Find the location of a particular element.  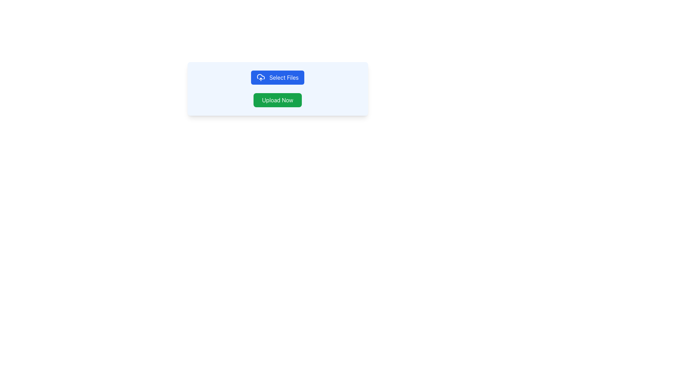

the upload button located beneath the 'Select Files' button to observe its hover effect is located at coordinates (277, 100).